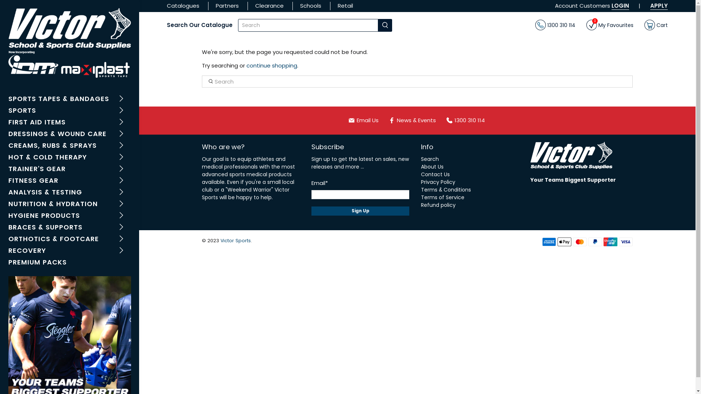  What do you see at coordinates (69, 251) in the screenshot?
I see `'RECOVERY'` at bounding box center [69, 251].